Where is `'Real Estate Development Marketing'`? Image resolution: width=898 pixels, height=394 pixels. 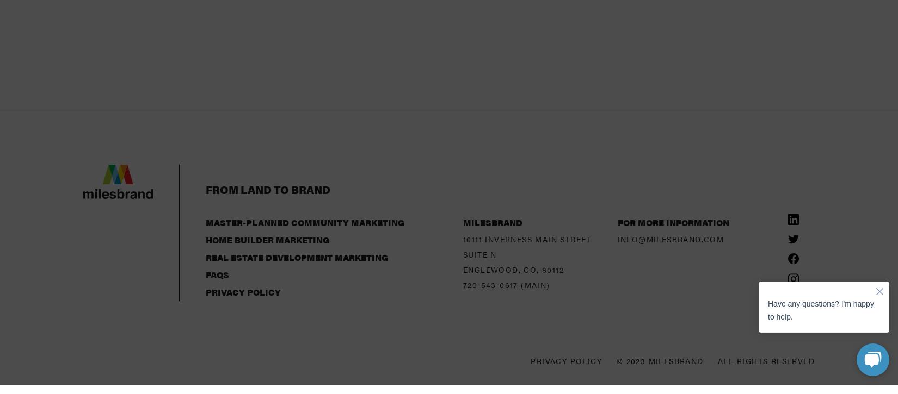 'Real Estate Development Marketing' is located at coordinates (296, 171).